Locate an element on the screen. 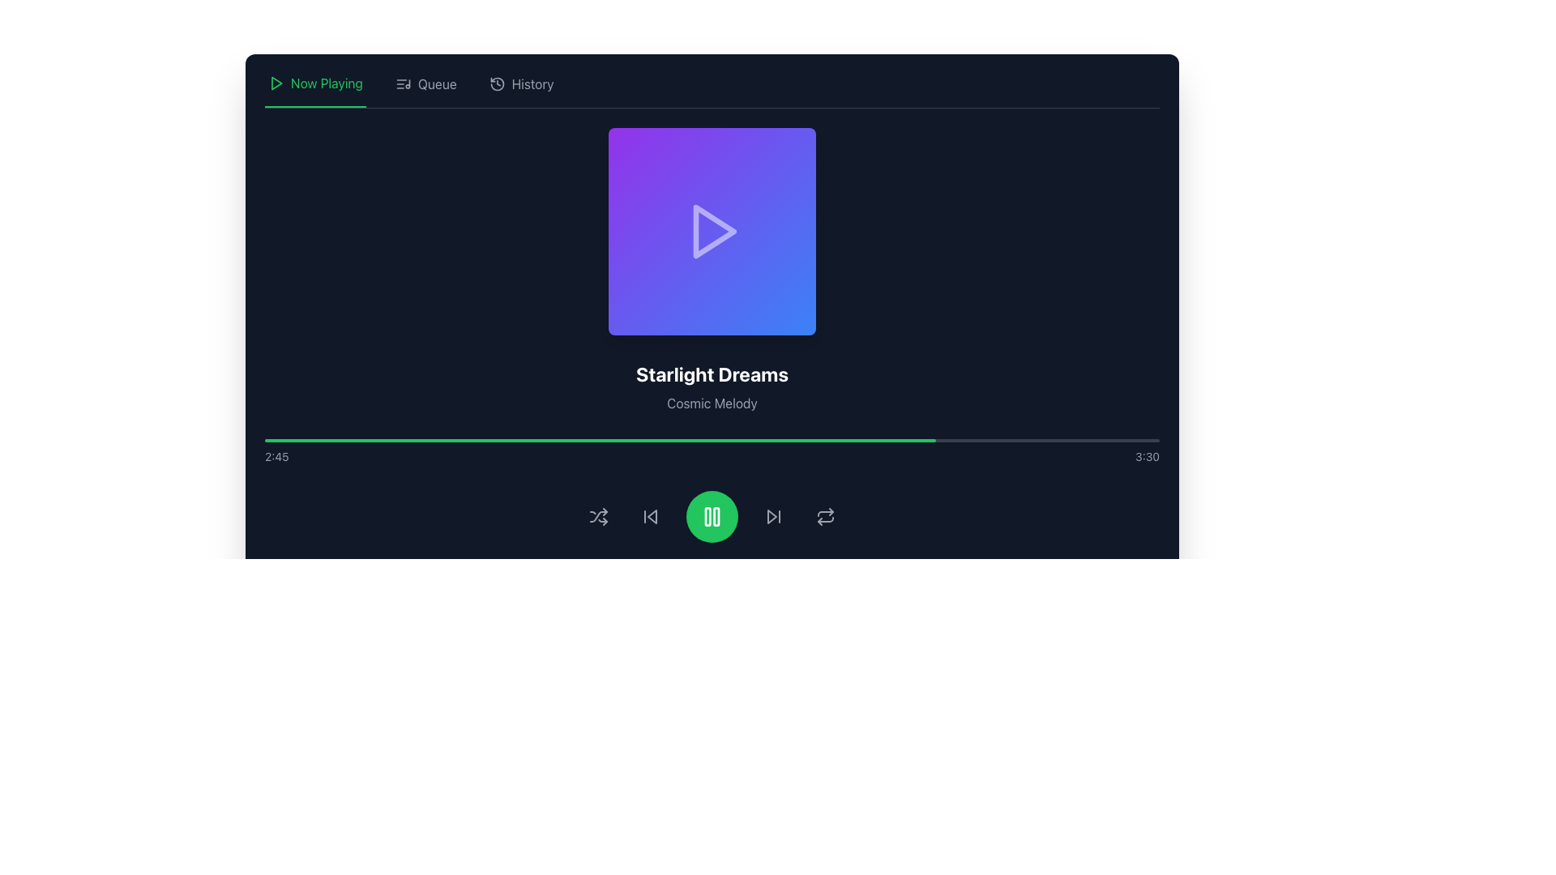 This screenshot has width=1556, height=875. the progress bar is located at coordinates (310, 440).